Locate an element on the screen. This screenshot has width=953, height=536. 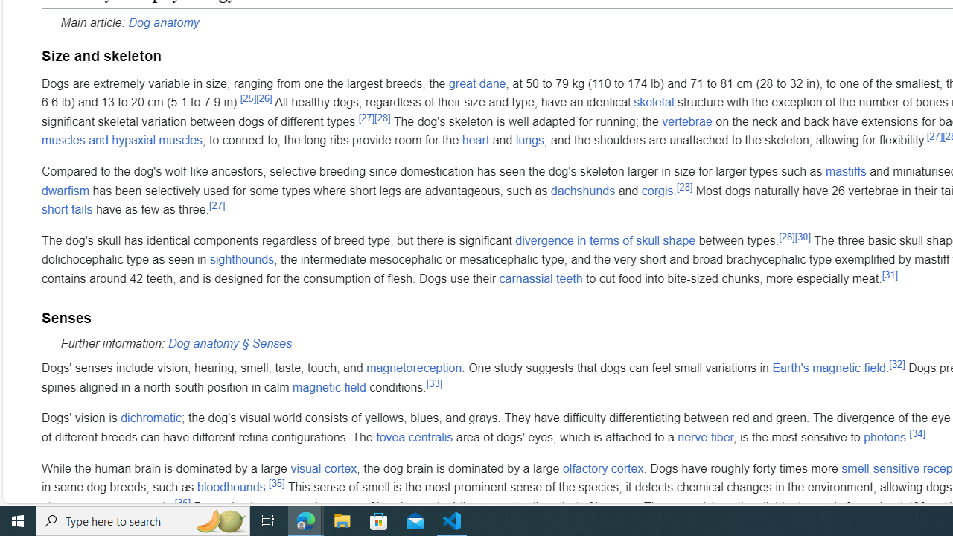
'lungs' is located at coordinates (530, 141).